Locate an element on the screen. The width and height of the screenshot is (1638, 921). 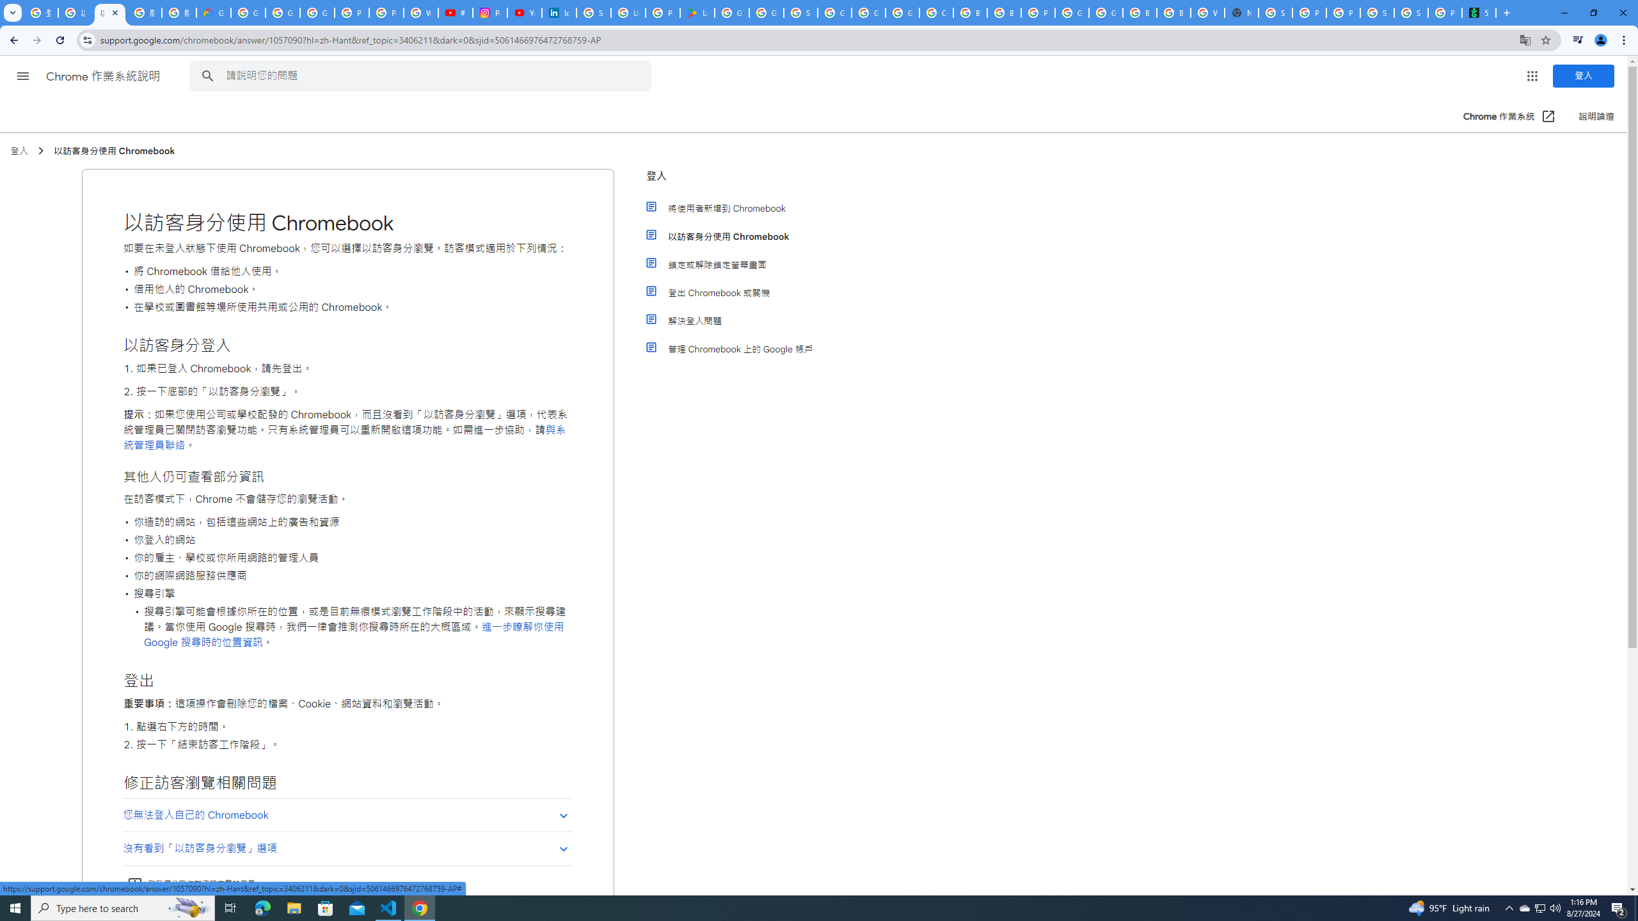
'Browse Chrome as a guest - Computer - Google Chrome Help' is located at coordinates (1140, 12).